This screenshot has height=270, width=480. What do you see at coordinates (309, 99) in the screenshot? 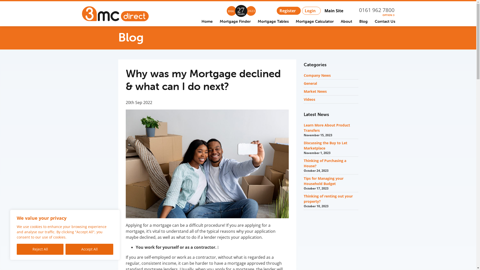
I see `'Videos'` at bounding box center [309, 99].